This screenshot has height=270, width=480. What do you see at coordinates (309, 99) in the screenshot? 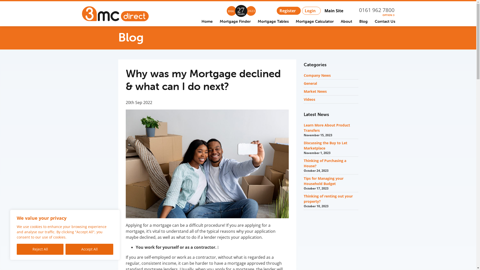
I see `'Videos'` at bounding box center [309, 99].